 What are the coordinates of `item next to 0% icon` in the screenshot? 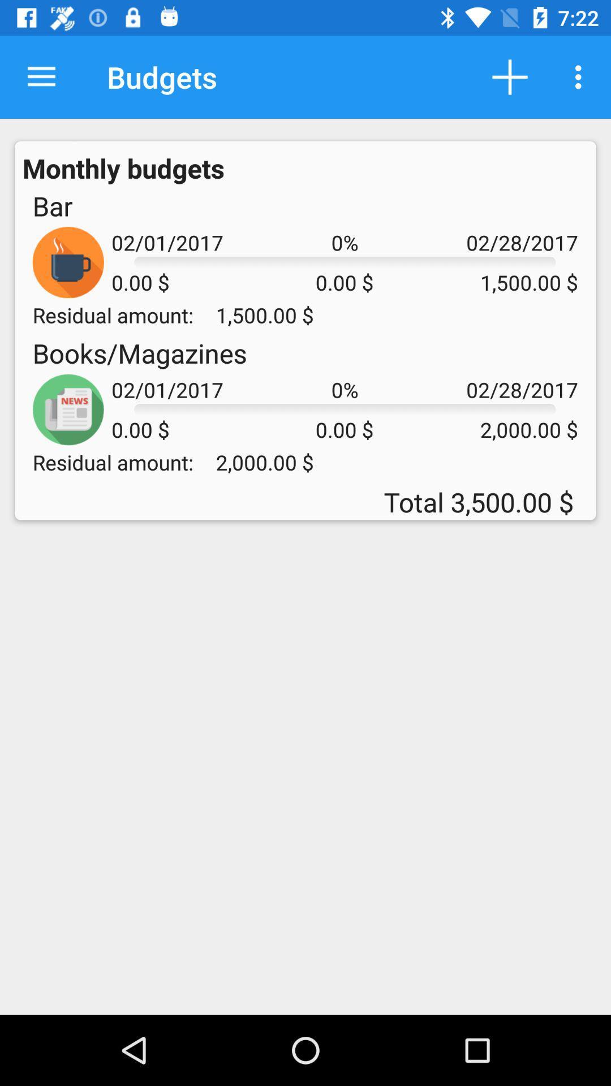 It's located at (139, 352).